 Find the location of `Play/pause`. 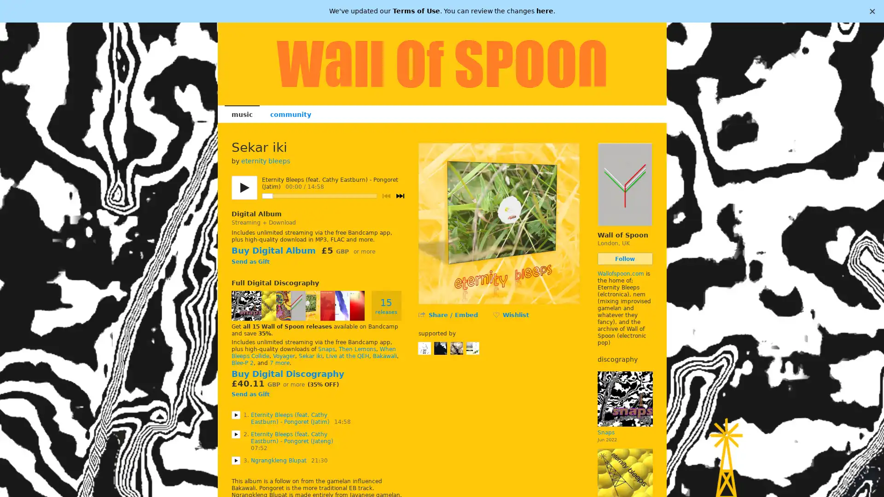

Play/pause is located at coordinates (244, 187).